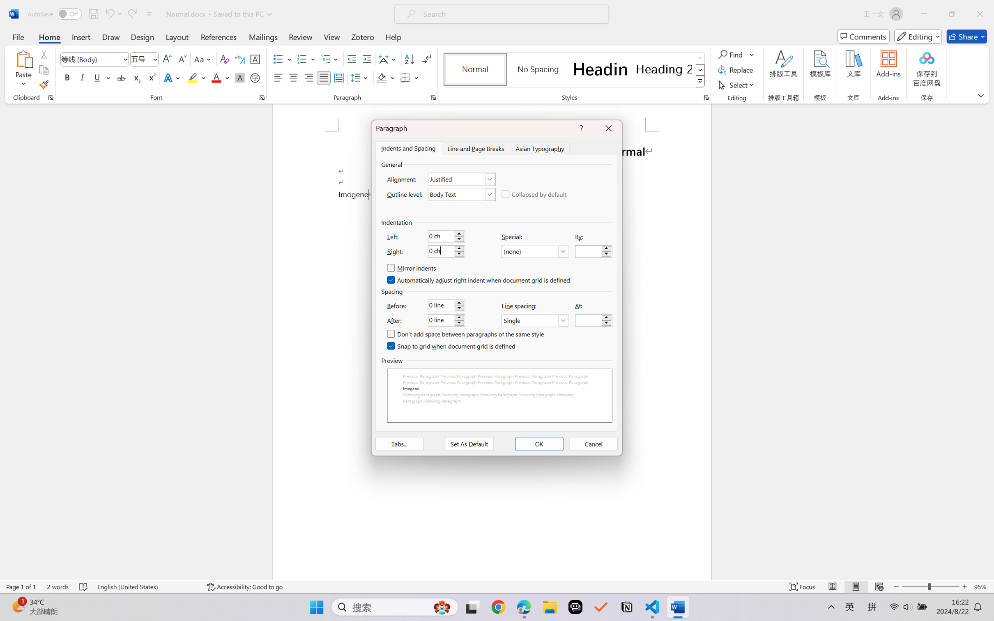 Image resolution: width=994 pixels, height=621 pixels. I want to click on 'Sort...', so click(409, 59).